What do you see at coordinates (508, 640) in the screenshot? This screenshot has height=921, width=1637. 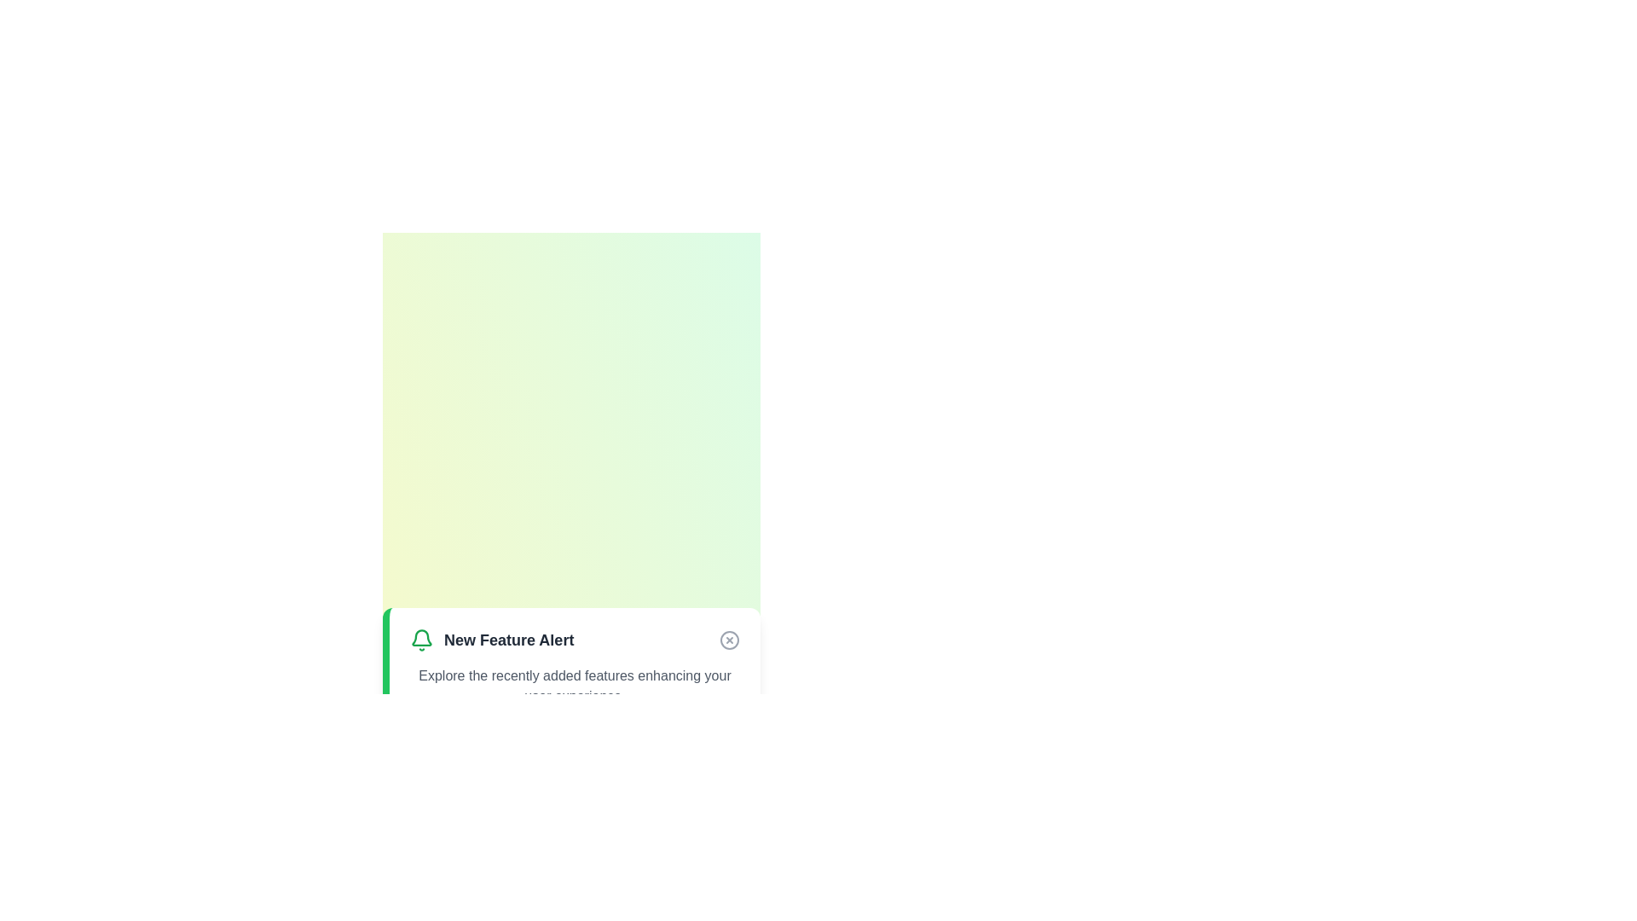 I see `the text element displaying 'New Feature Alert', which is in bold, large dark gray font and aligned to the left next to a bell icon` at bounding box center [508, 640].